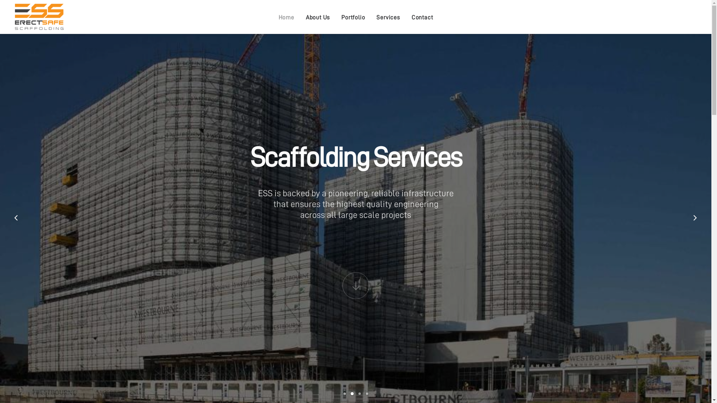 The height and width of the screenshot is (403, 717). Describe the element at coordinates (422, 17) in the screenshot. I see `'Contact'` at that location.